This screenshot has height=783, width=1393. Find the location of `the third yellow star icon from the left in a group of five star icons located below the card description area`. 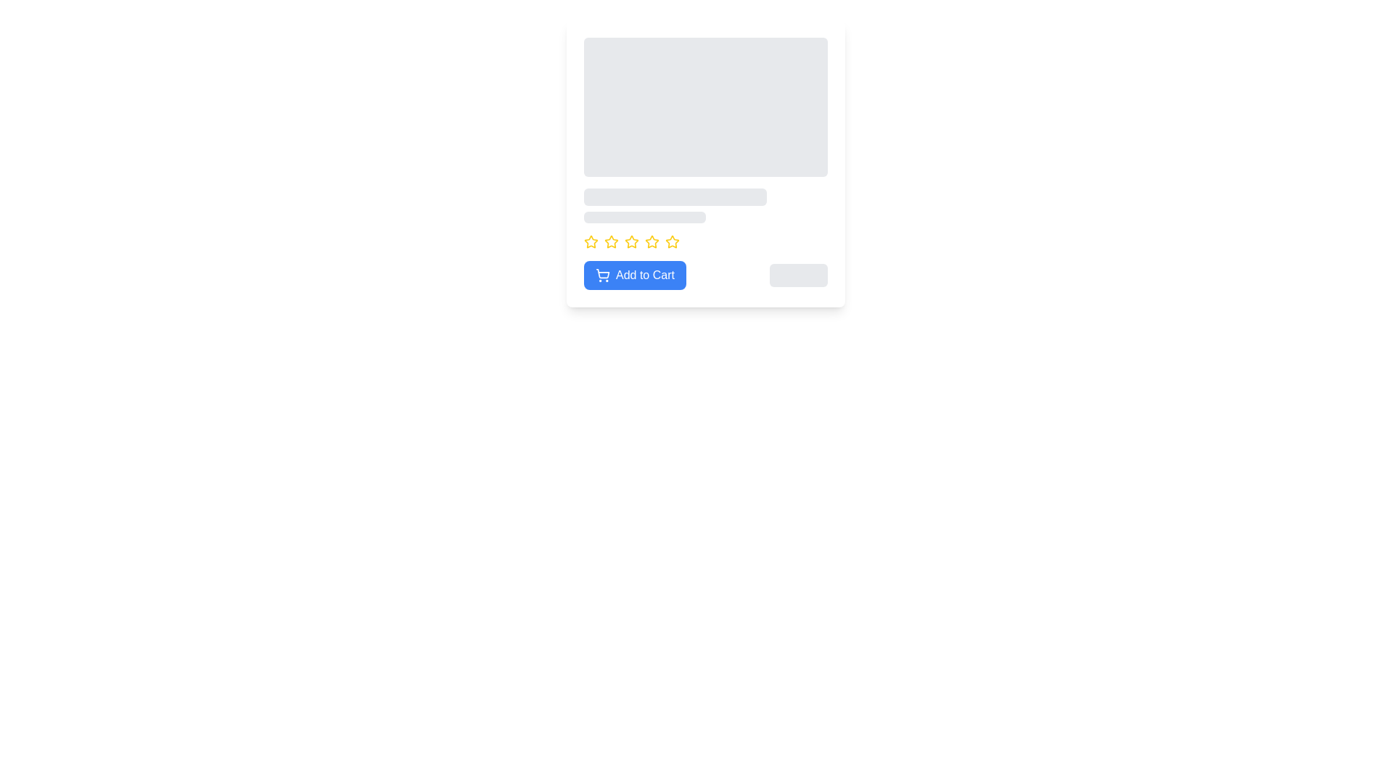

the third yellow star icon from the left in a group of five star icons located below the card description area is located at coordinates (612, 241).